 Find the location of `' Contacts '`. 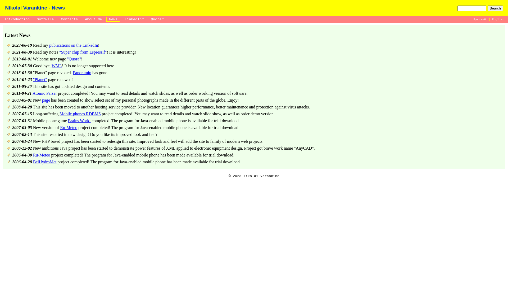

' Contacts ' is located at coordinates (58, 19).